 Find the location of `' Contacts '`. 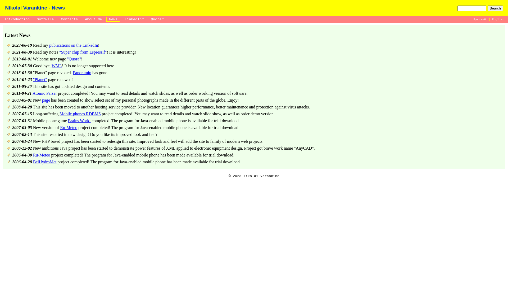

' Contacts ' is located at coordinates (58, 19).